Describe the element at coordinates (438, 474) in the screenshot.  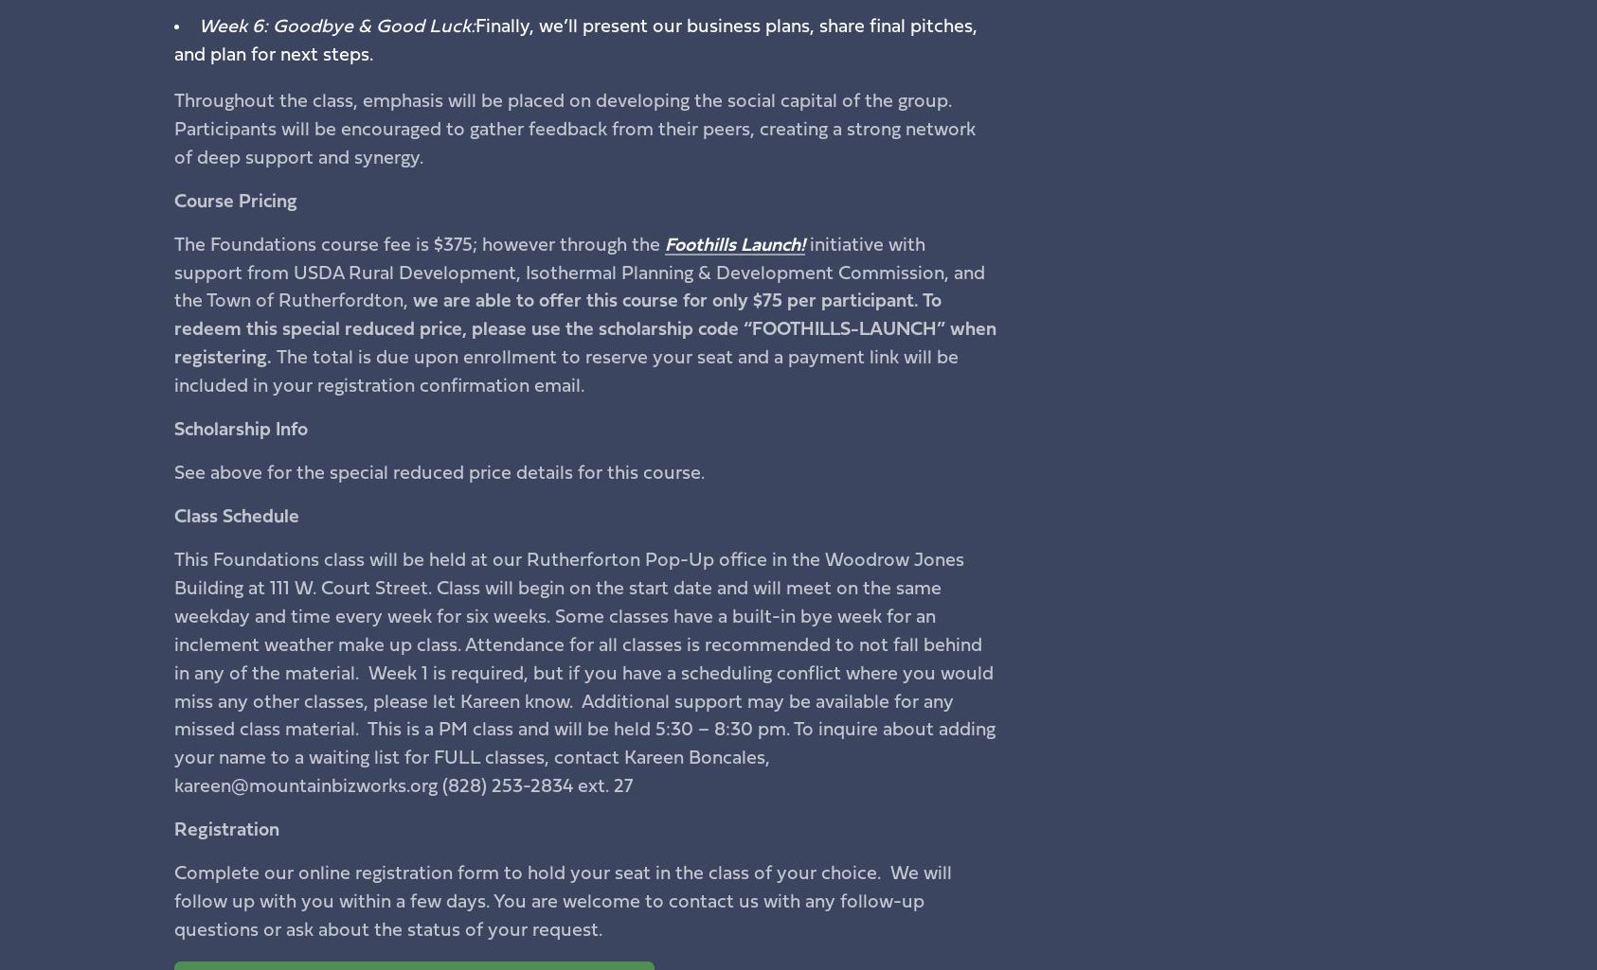
I see `'See above for the special reduced price details for this course.'` at that location.